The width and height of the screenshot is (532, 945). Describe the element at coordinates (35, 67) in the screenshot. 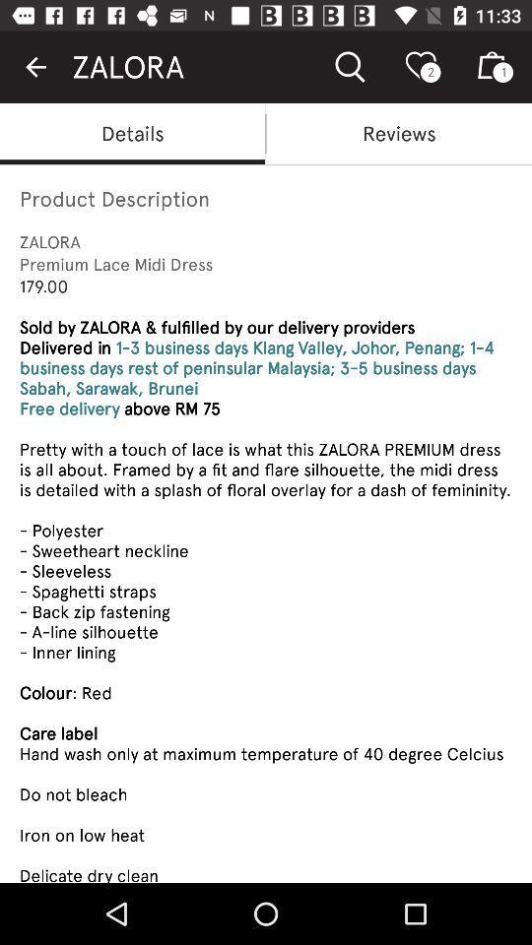

I see `the icon above details item` at that location.